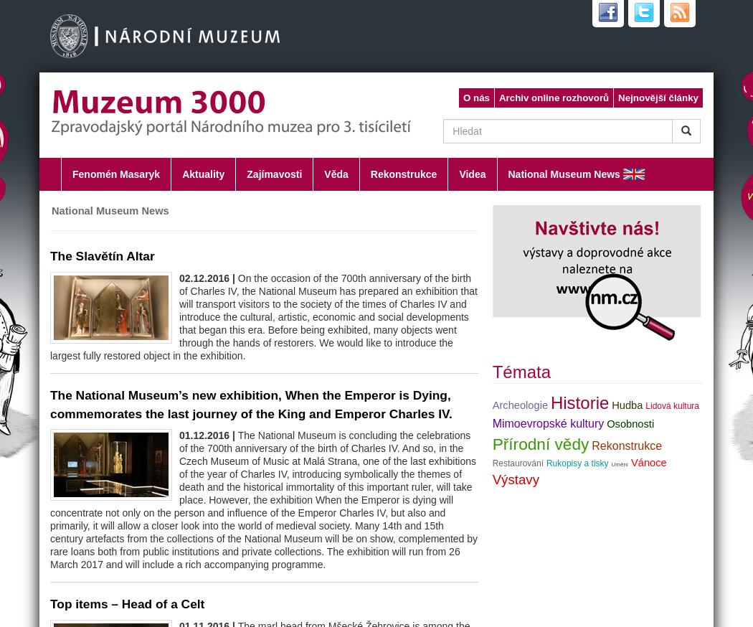 This screenshot has height=627, width=753. Describe the element at coordinates (475, 98) in the screenshot. I see `'O nás'` at that location.